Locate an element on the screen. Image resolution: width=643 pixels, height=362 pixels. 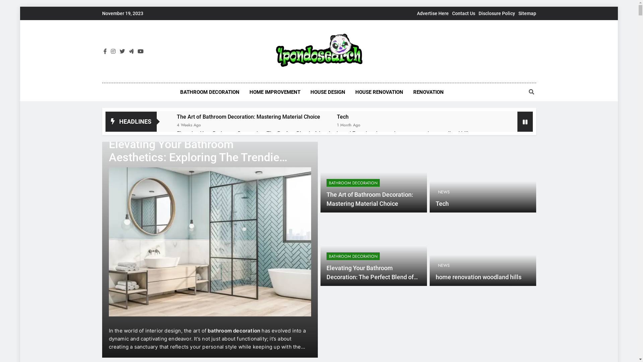
'4 Weeks Ago' is located at coordinates (189, 124).